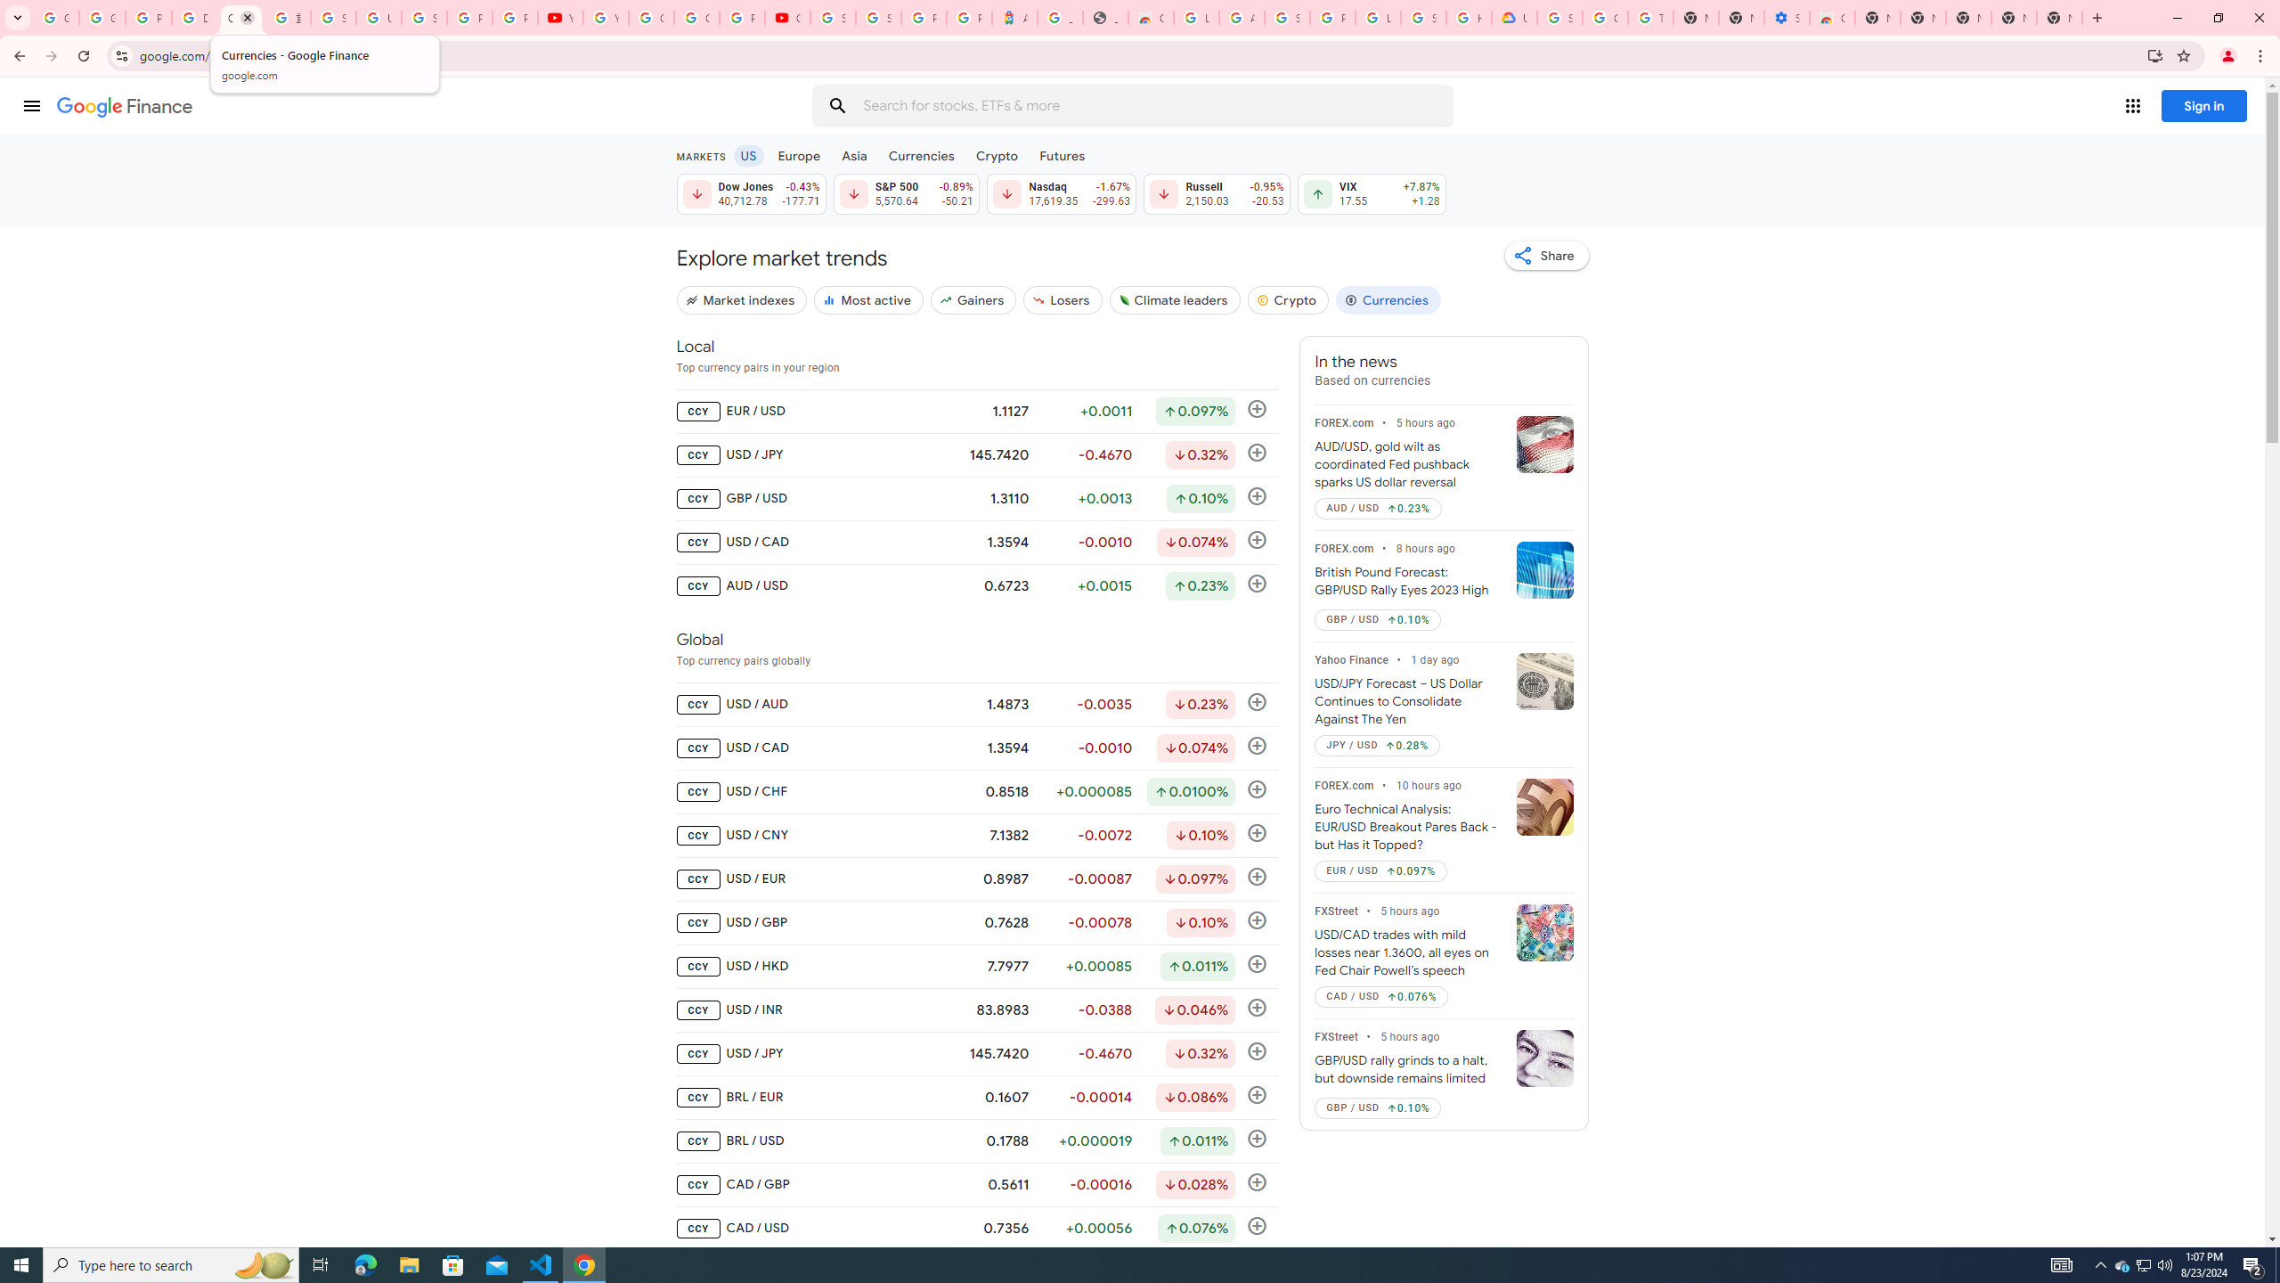  I want to click on 'CCY USD / AUD 1.4873 -0.0035 Down by 0.21% Follow', so click(976, 703).